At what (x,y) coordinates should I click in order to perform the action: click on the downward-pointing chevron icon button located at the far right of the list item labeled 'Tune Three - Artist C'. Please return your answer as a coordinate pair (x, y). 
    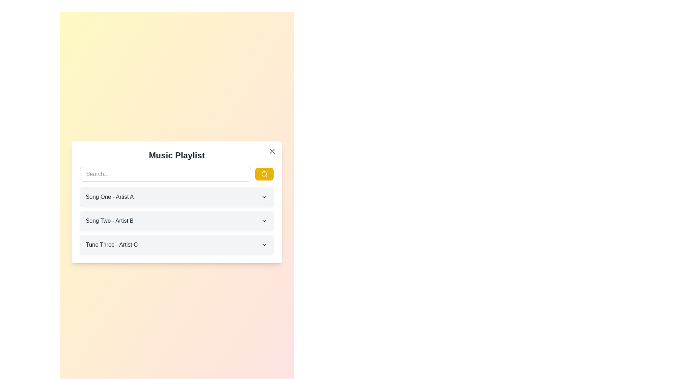
    Looking at the image, I should click on (264, 244).